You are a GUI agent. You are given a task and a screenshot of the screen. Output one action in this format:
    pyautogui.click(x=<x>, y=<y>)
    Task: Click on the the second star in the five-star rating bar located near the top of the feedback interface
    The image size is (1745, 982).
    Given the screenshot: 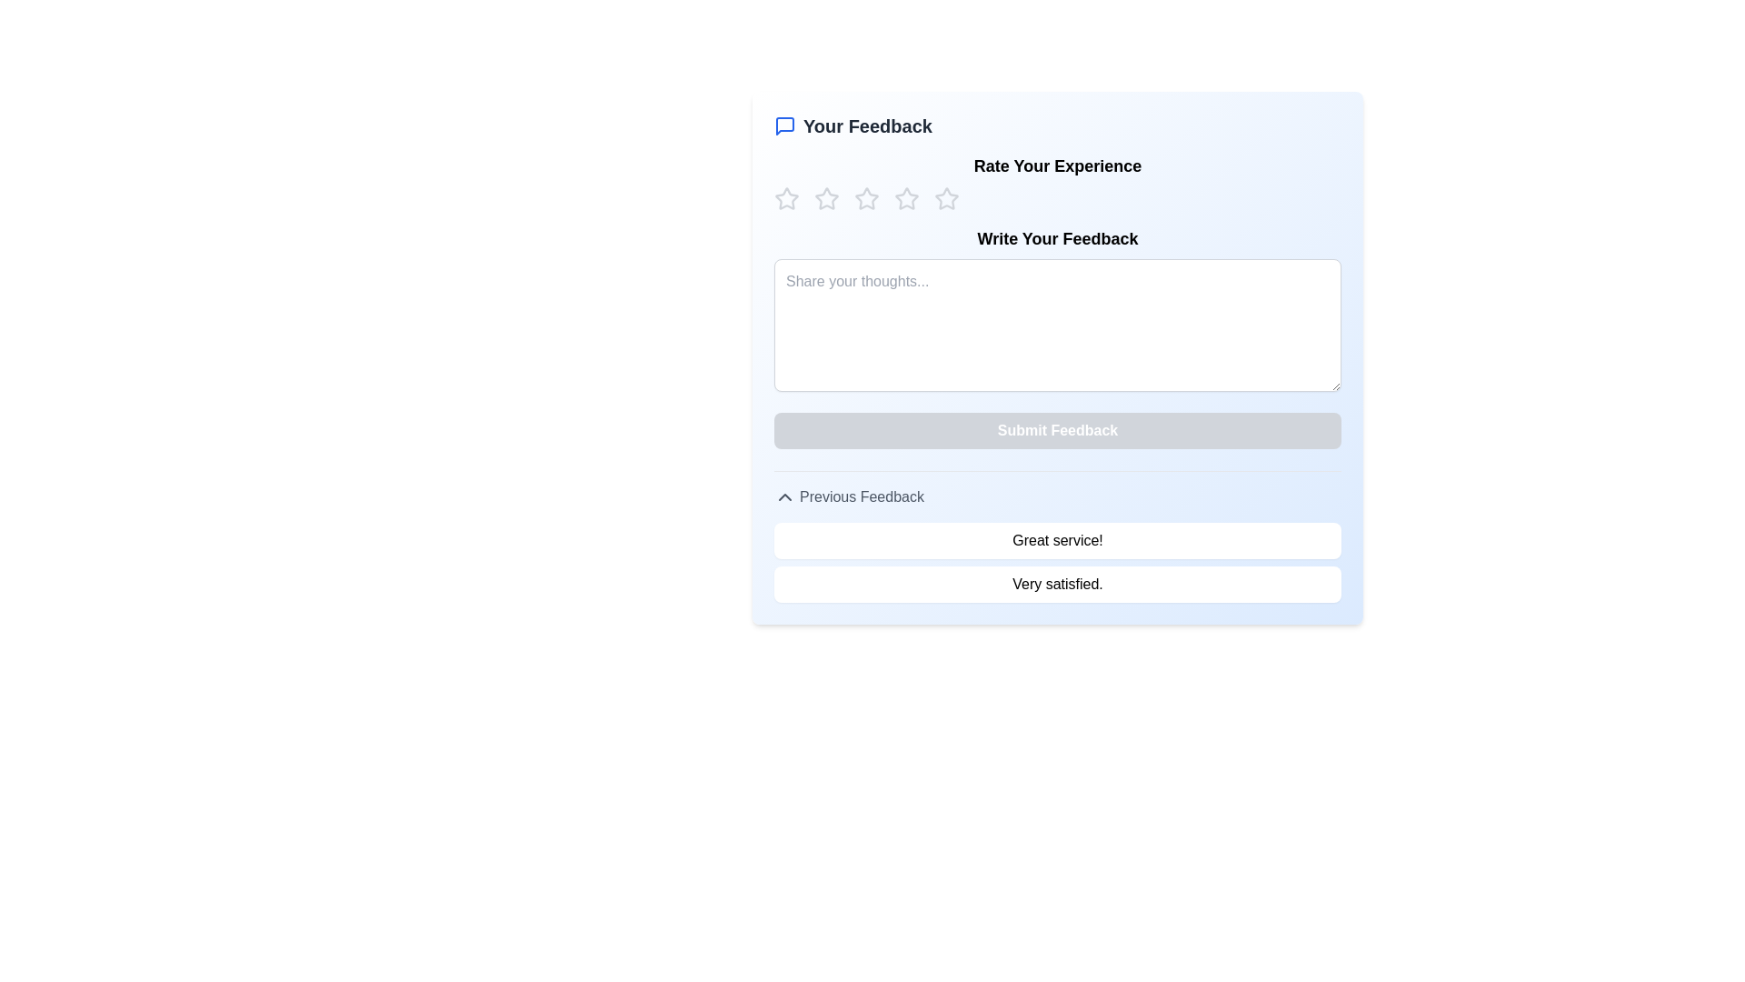 What is the action you would take?
    pyautogui.click(x=826, y=198)
    